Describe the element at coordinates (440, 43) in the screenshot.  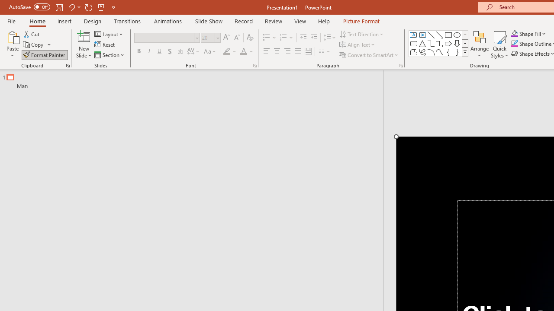
I see `'Connector: Elbow Arrow'` at that location.